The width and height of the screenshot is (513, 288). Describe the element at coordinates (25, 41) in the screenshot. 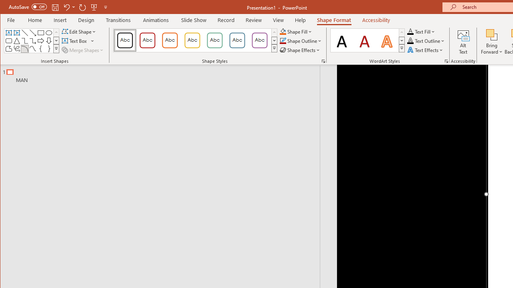

I see `'Connector: Elbow'` at that location.